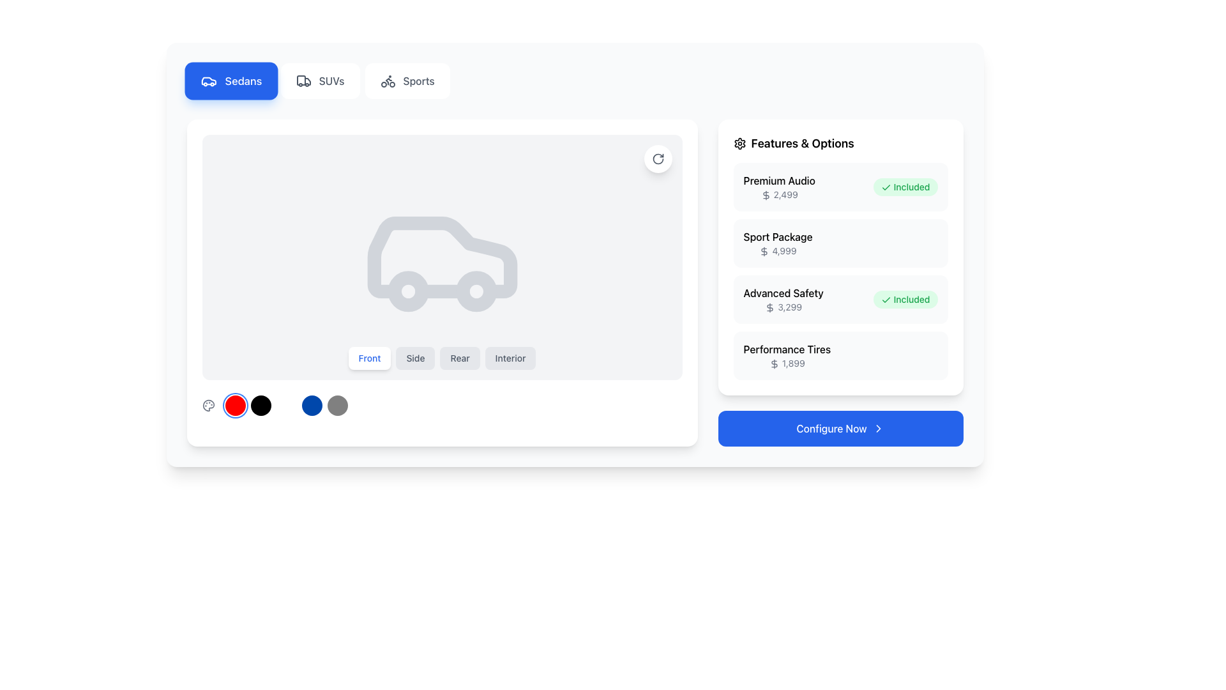 Image resolution: width=1226 pixels, height=690 pixels. Describe the element at coordinates (764, 252) in the screenshot. I see `the currency icon located in the 'Sport Package' section under 'Features & Options', which prefixes the price '4,999'` at that location.